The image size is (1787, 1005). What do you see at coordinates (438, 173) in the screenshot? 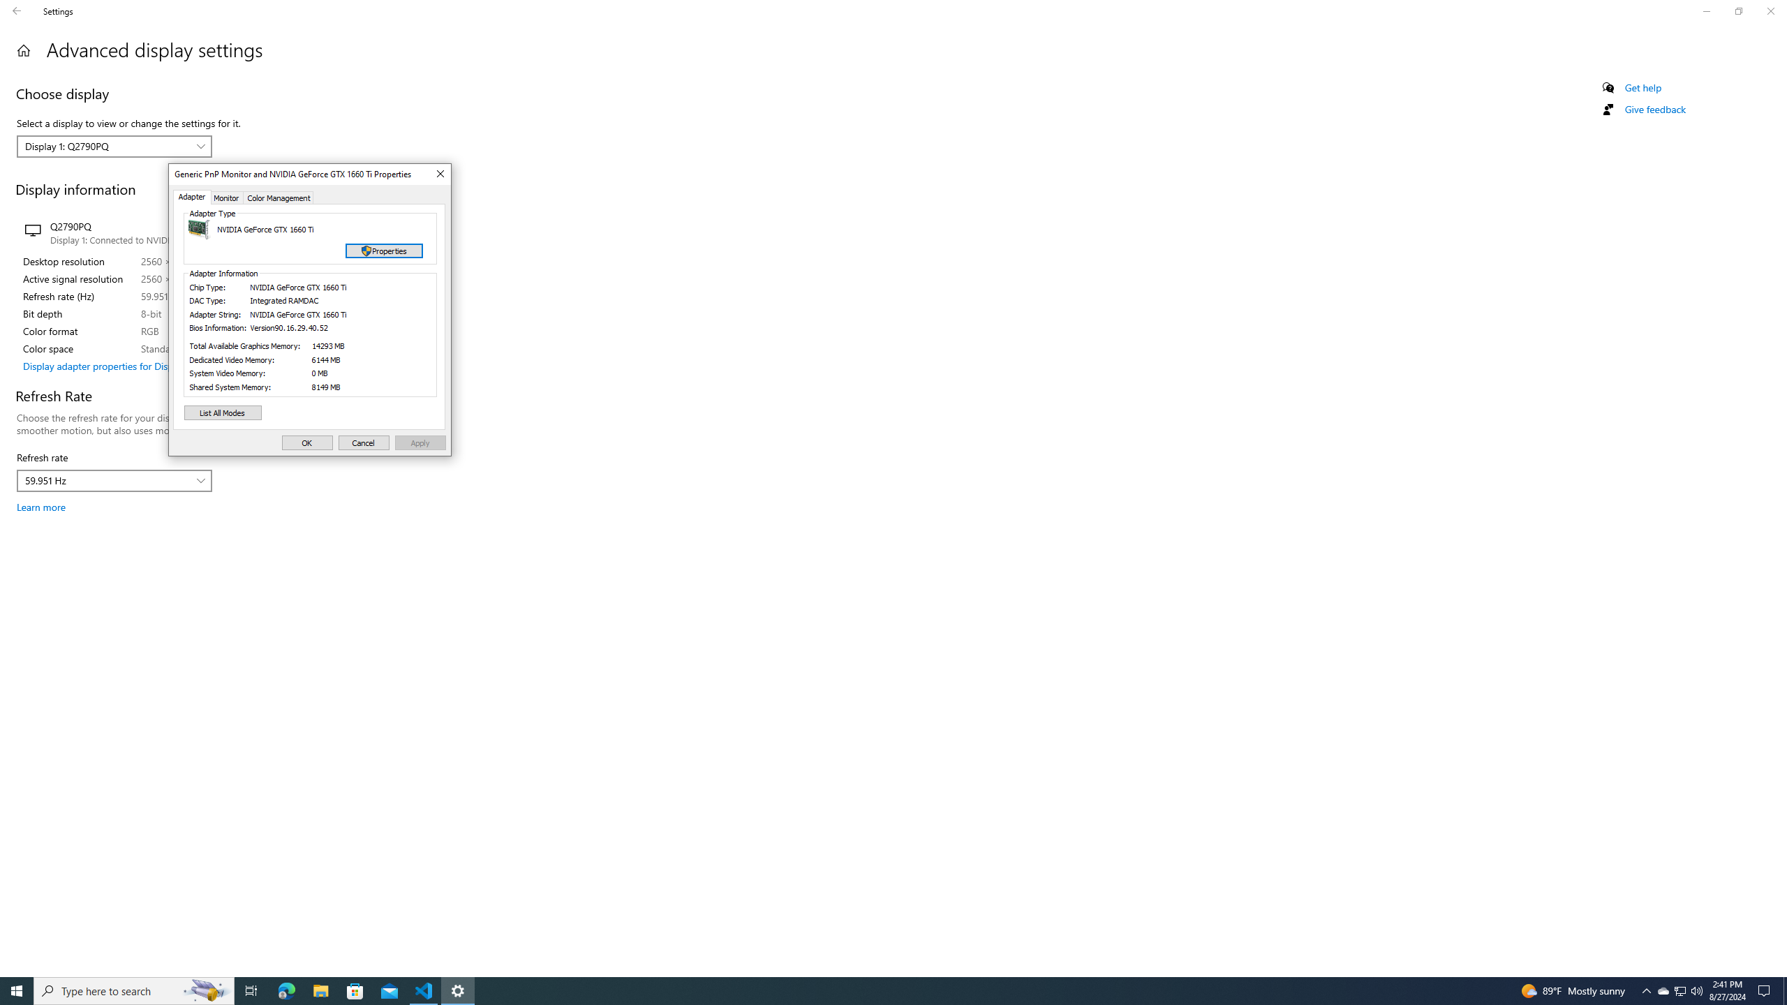
I see `'Close'` at bounding box center [438, 173].